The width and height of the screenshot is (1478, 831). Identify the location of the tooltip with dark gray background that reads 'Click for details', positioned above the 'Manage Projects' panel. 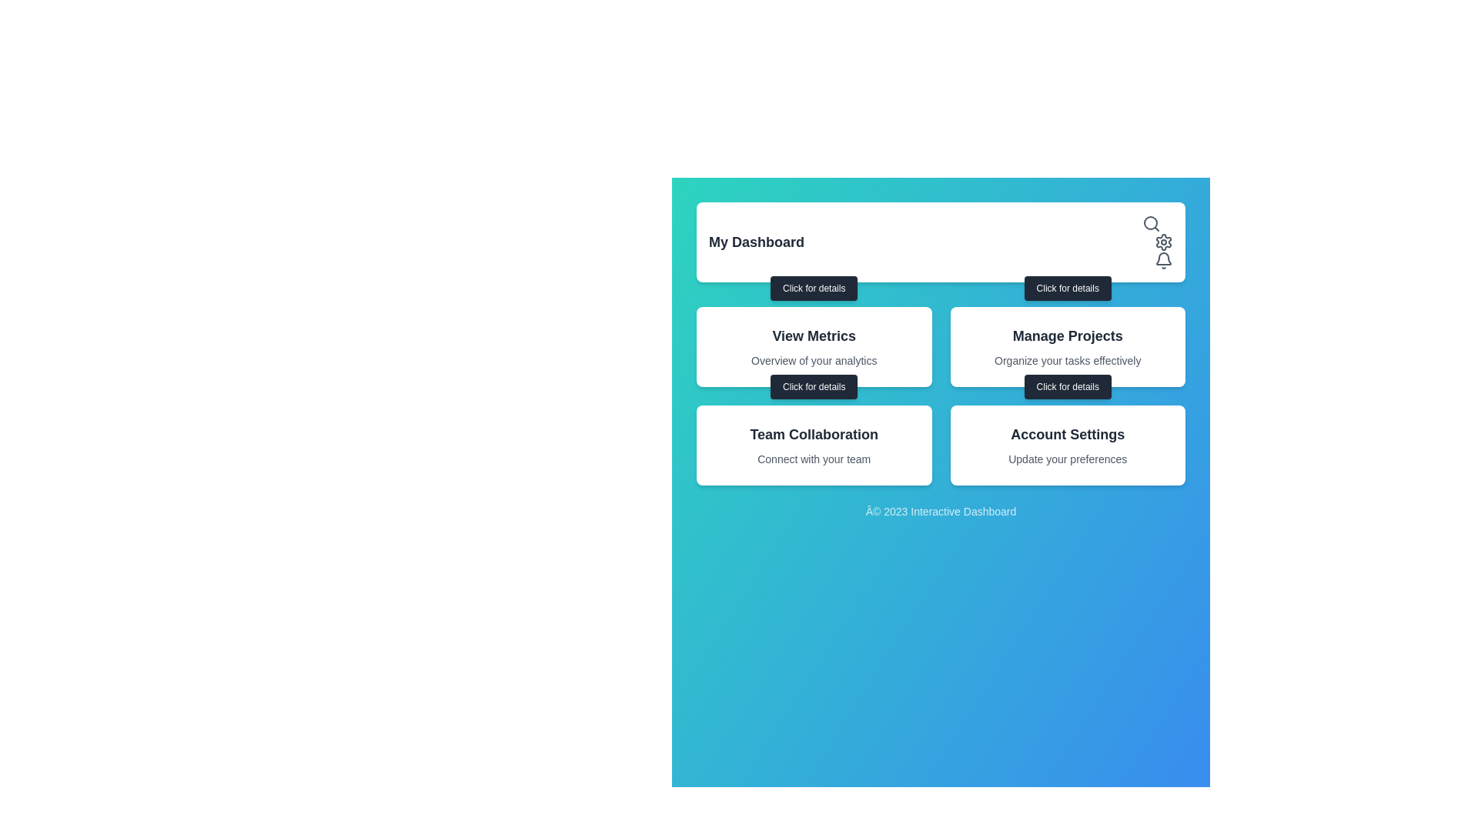
(1067, 288).